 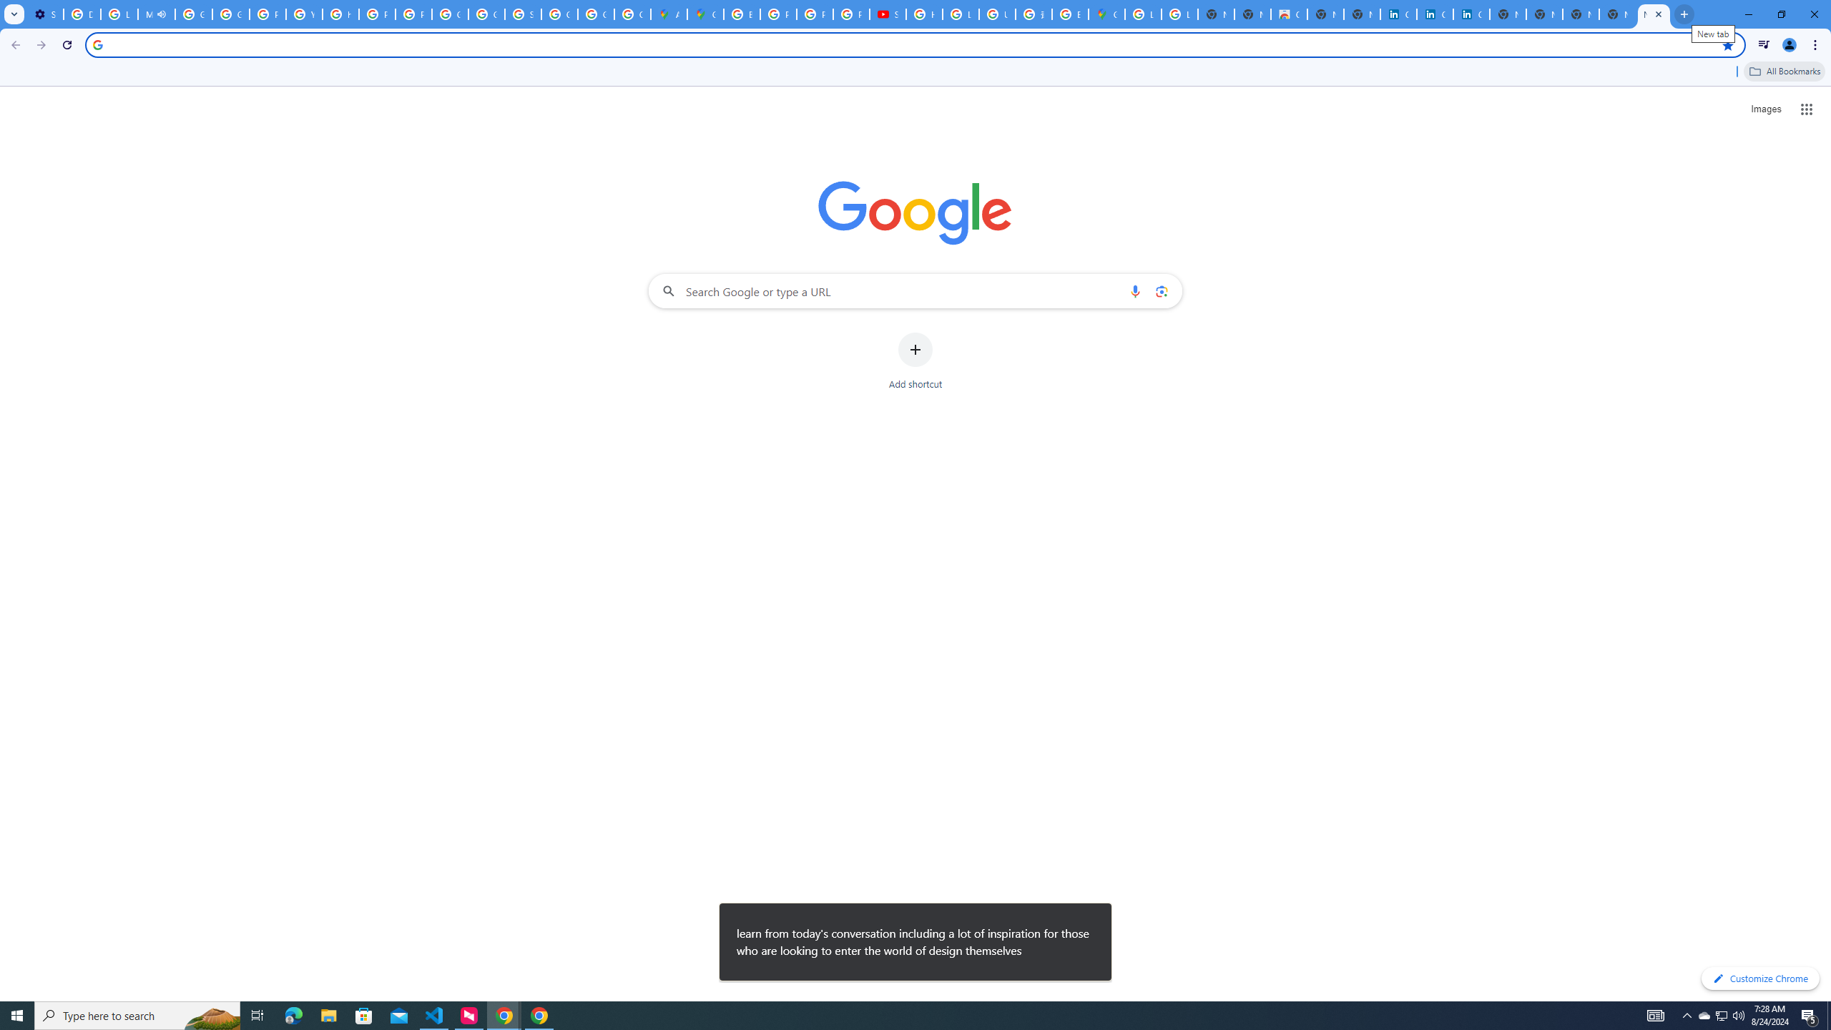 I want to click on 'Create your Google Account', so click(x=632, y=14).